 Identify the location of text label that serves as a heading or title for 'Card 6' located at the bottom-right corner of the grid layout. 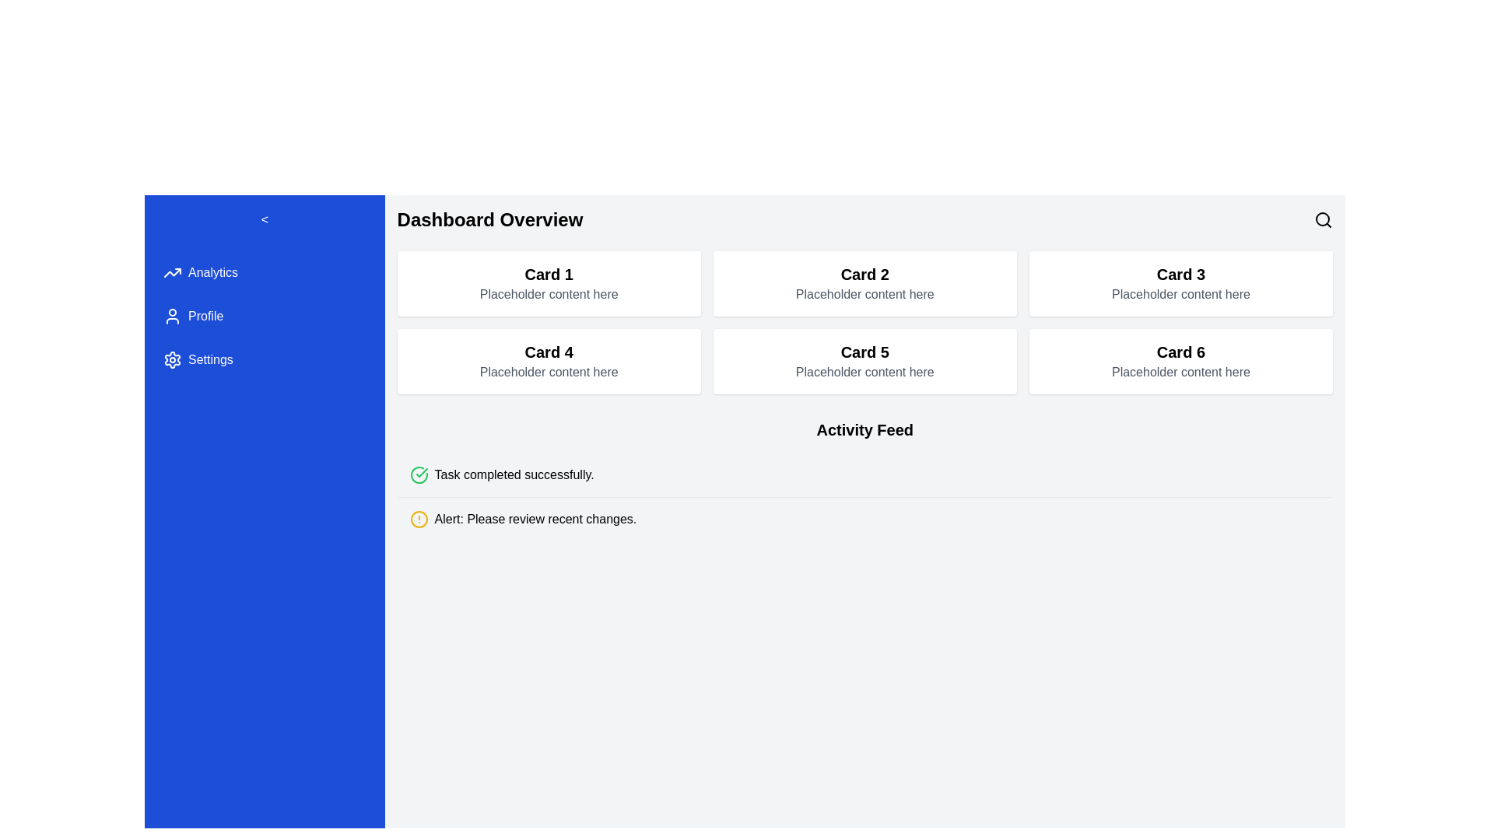
(1180, 352).